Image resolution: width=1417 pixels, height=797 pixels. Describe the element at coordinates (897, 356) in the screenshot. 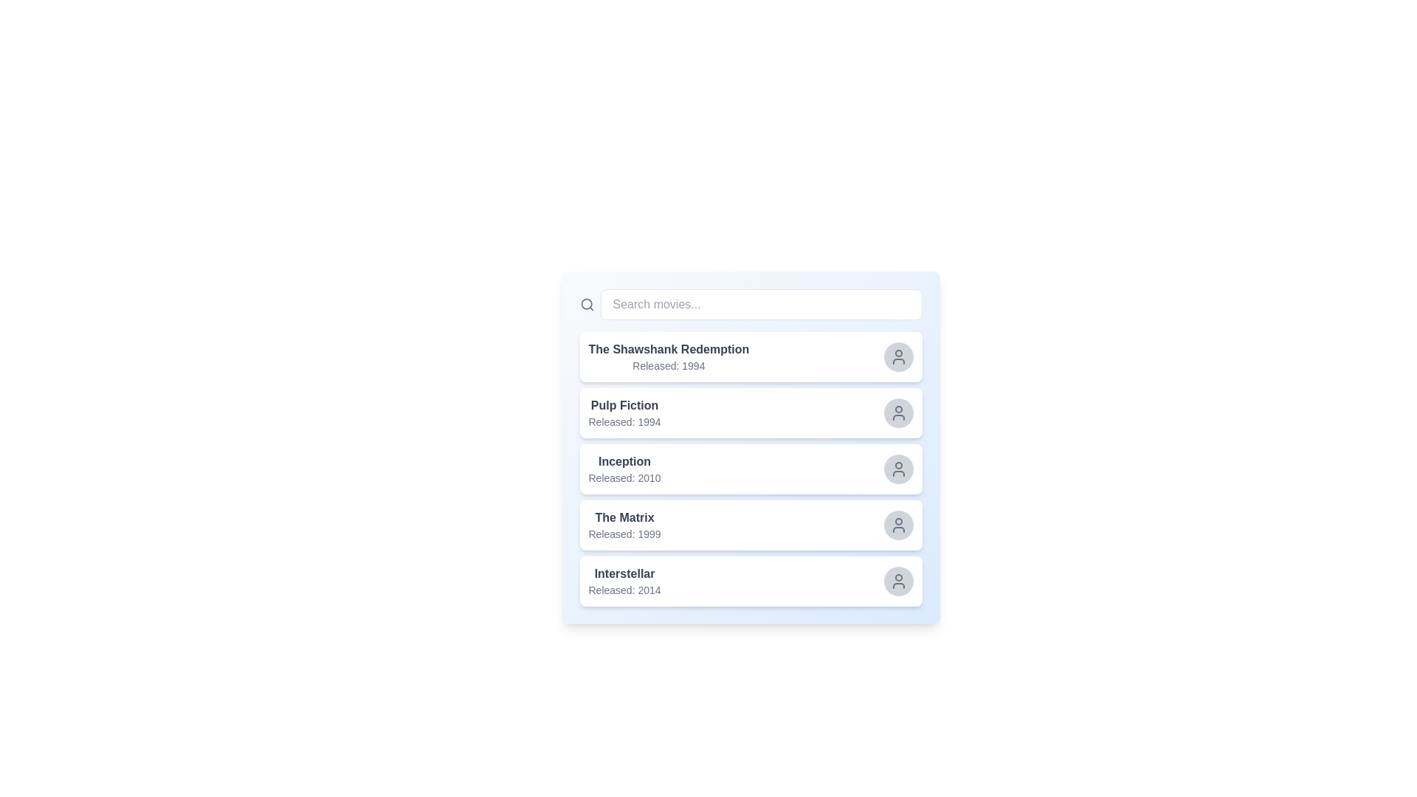

I see `the user icon located to the far right of the item row labeled 'The Shawshank Redemption' to initiate an action` at that location.